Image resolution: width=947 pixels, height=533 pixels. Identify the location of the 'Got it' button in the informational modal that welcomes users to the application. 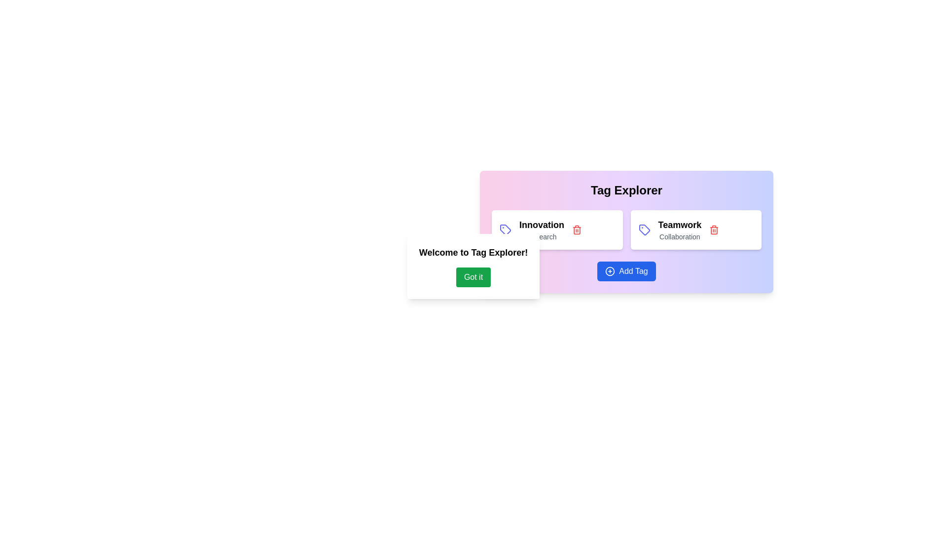
(473, 266).